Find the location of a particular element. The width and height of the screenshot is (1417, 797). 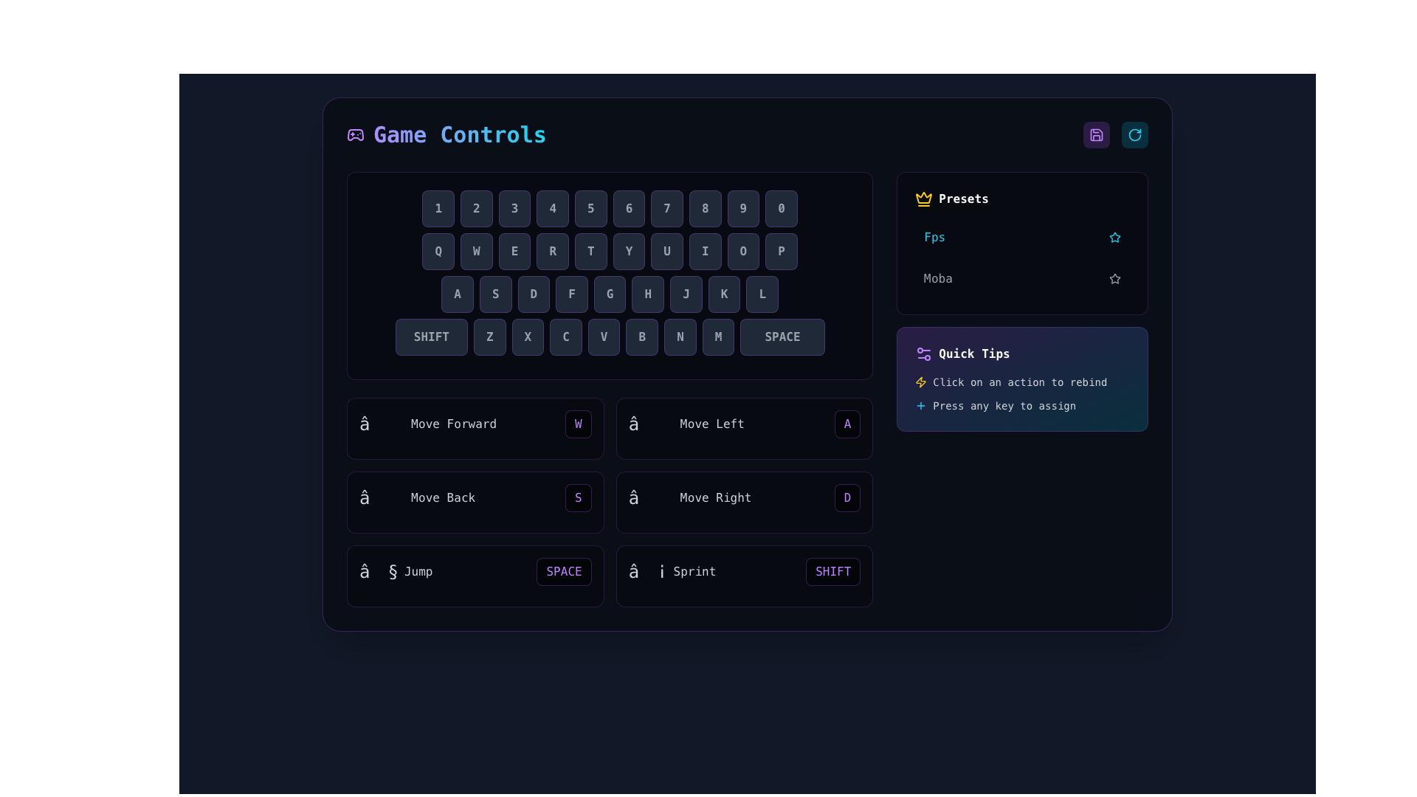

the rectangular button labeled 'P' with a dark background, located at the last position of the topmost row of the digital keyboard layout, to simulate a key press is located at coordinates (781, 250).